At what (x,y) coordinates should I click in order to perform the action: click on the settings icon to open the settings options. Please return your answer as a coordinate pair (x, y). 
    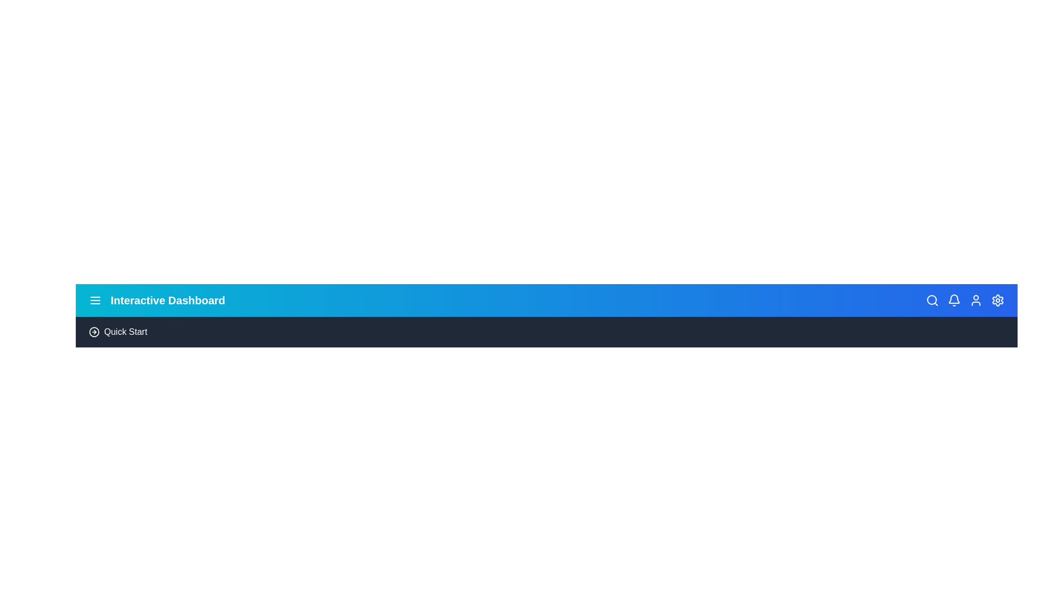
    Looking at the image, I should click on (997, 300).